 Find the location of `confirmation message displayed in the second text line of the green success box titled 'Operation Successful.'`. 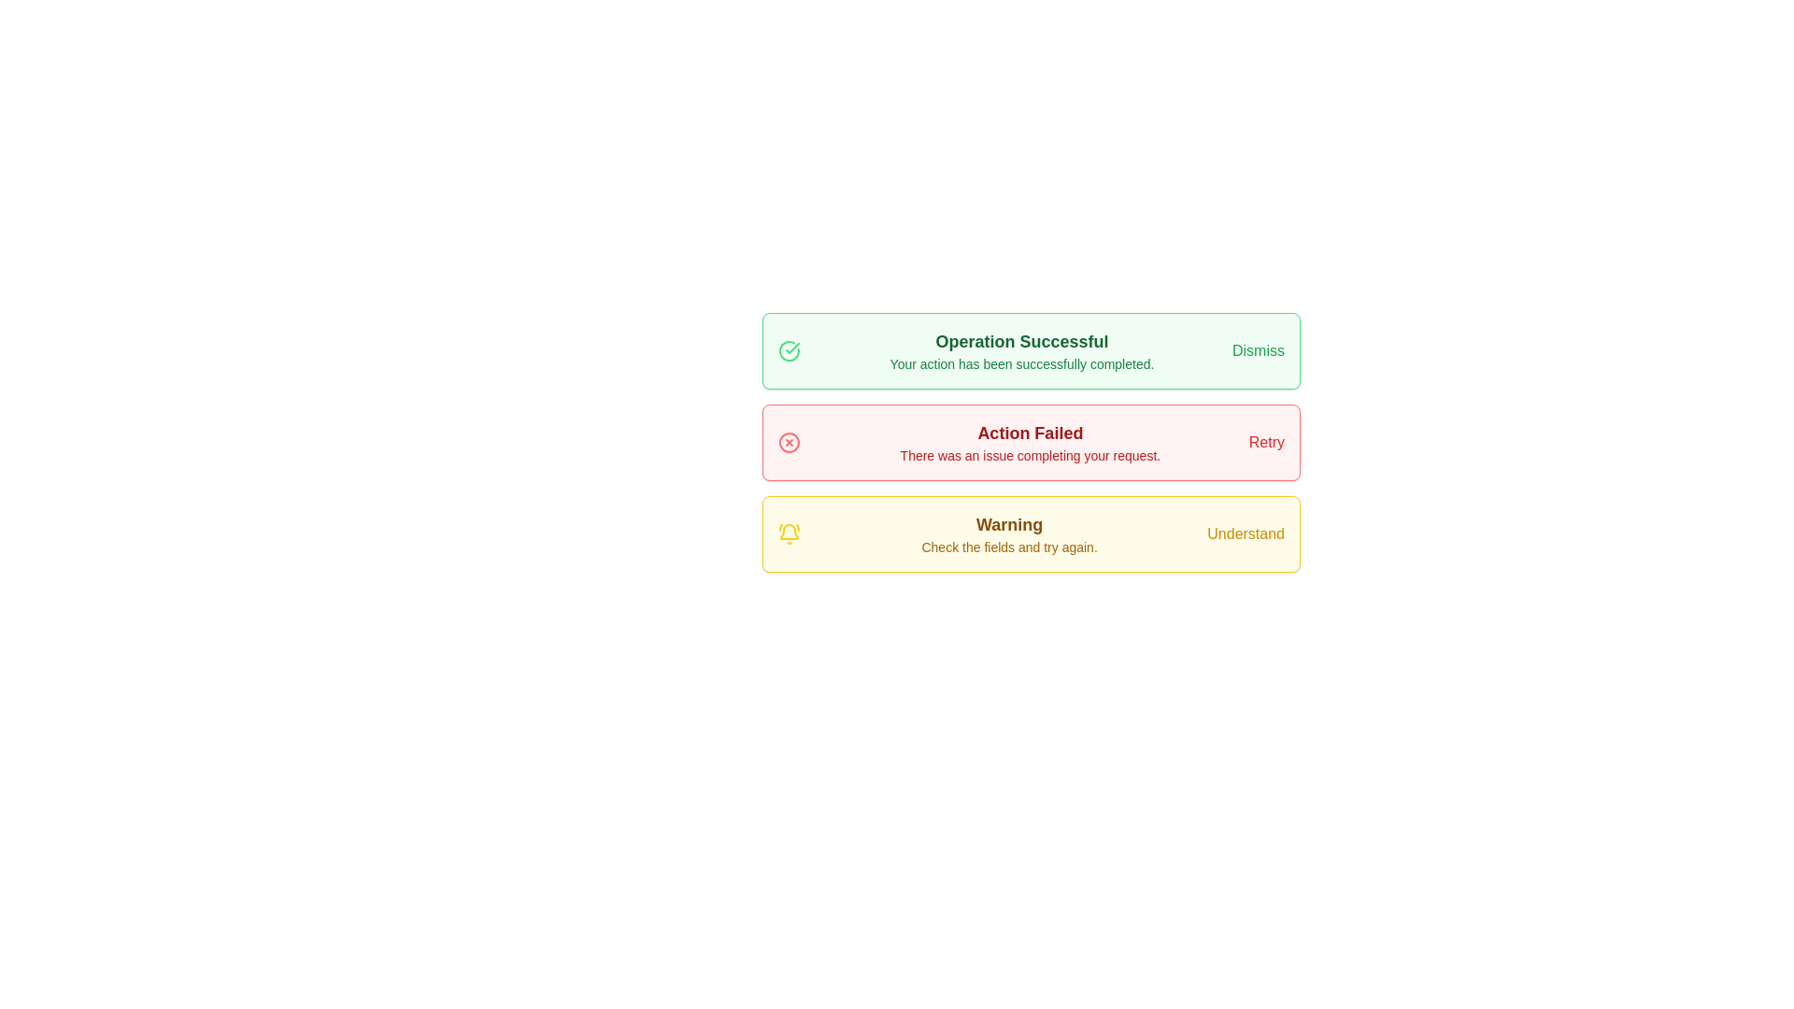

confirmation message displayed in the second text line of the green success box titled 'Operation Successful.' is located at coordinates (1021, 363).